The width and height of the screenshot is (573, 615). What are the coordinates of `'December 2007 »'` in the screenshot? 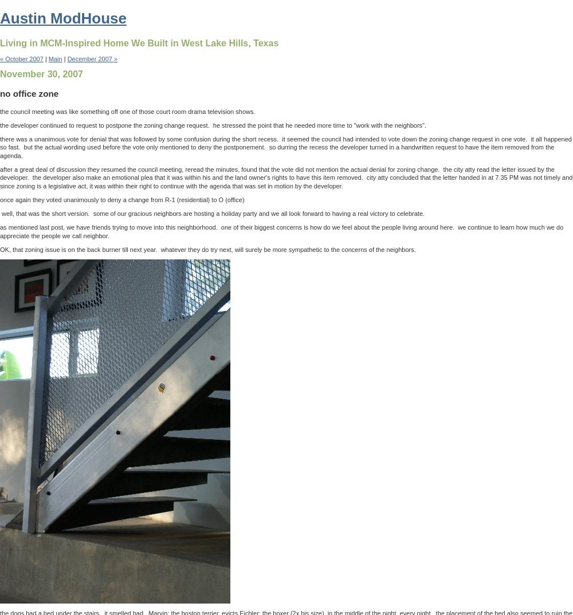 It's located at (92, 58).